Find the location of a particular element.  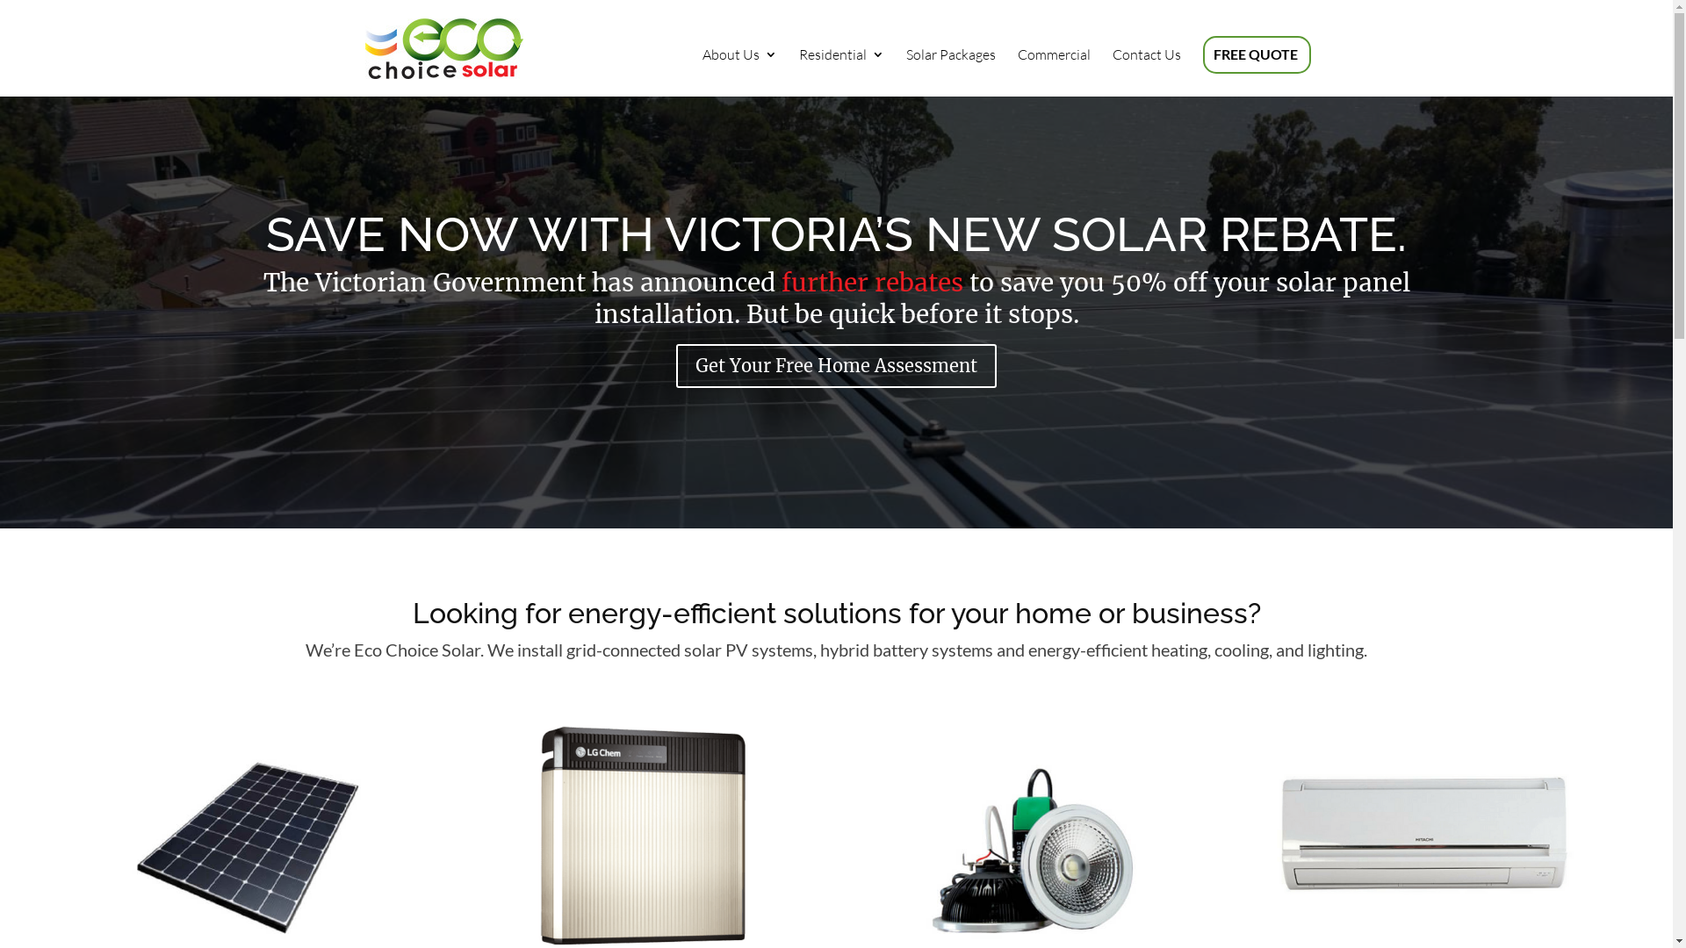

'Contact Us' is located at coordinates (1111, 71).